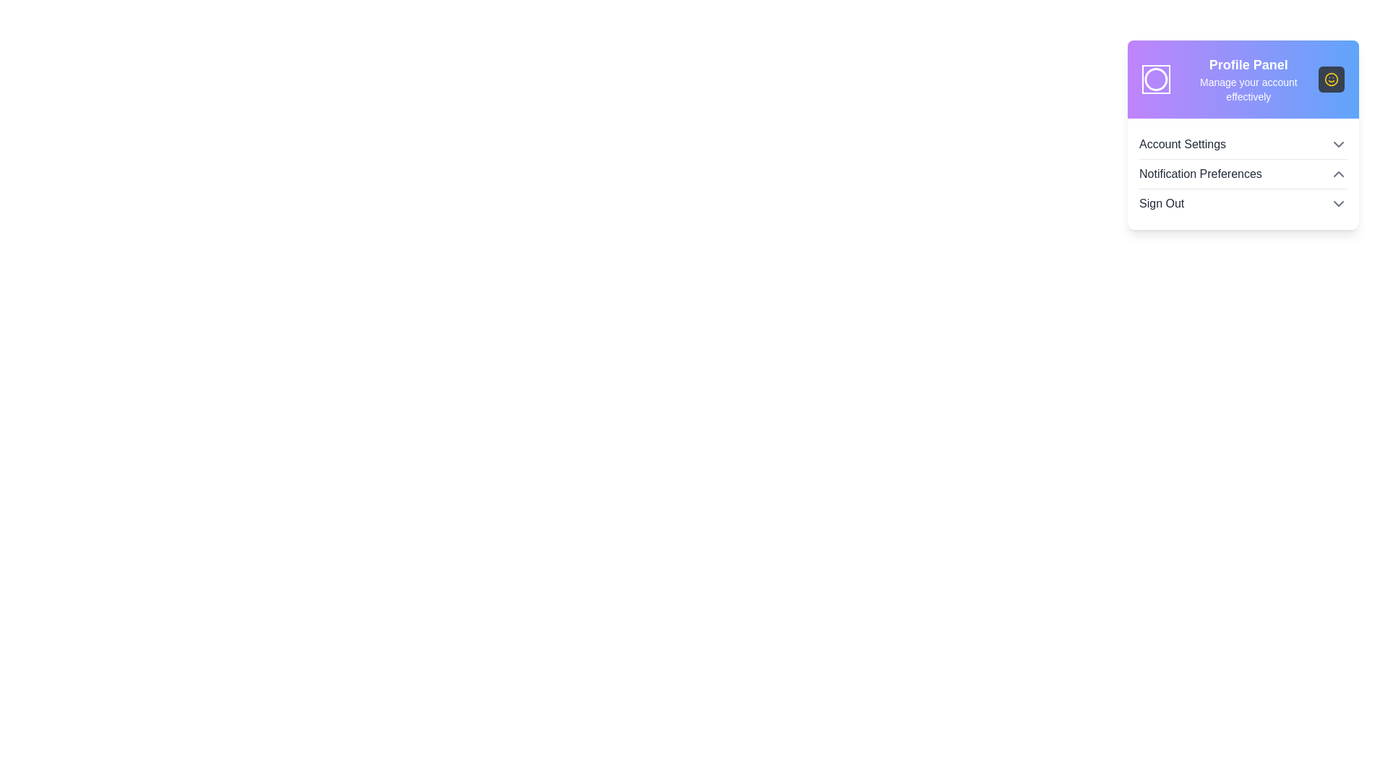 This screenshot has width=1388, height=781. What do you see at coordinates (1331, 80) in the screenshot?
I see `the circular yellow icon with a smiling face located in the top-right corner of the header section of the profile panel` at bounding box center [1331, 80].